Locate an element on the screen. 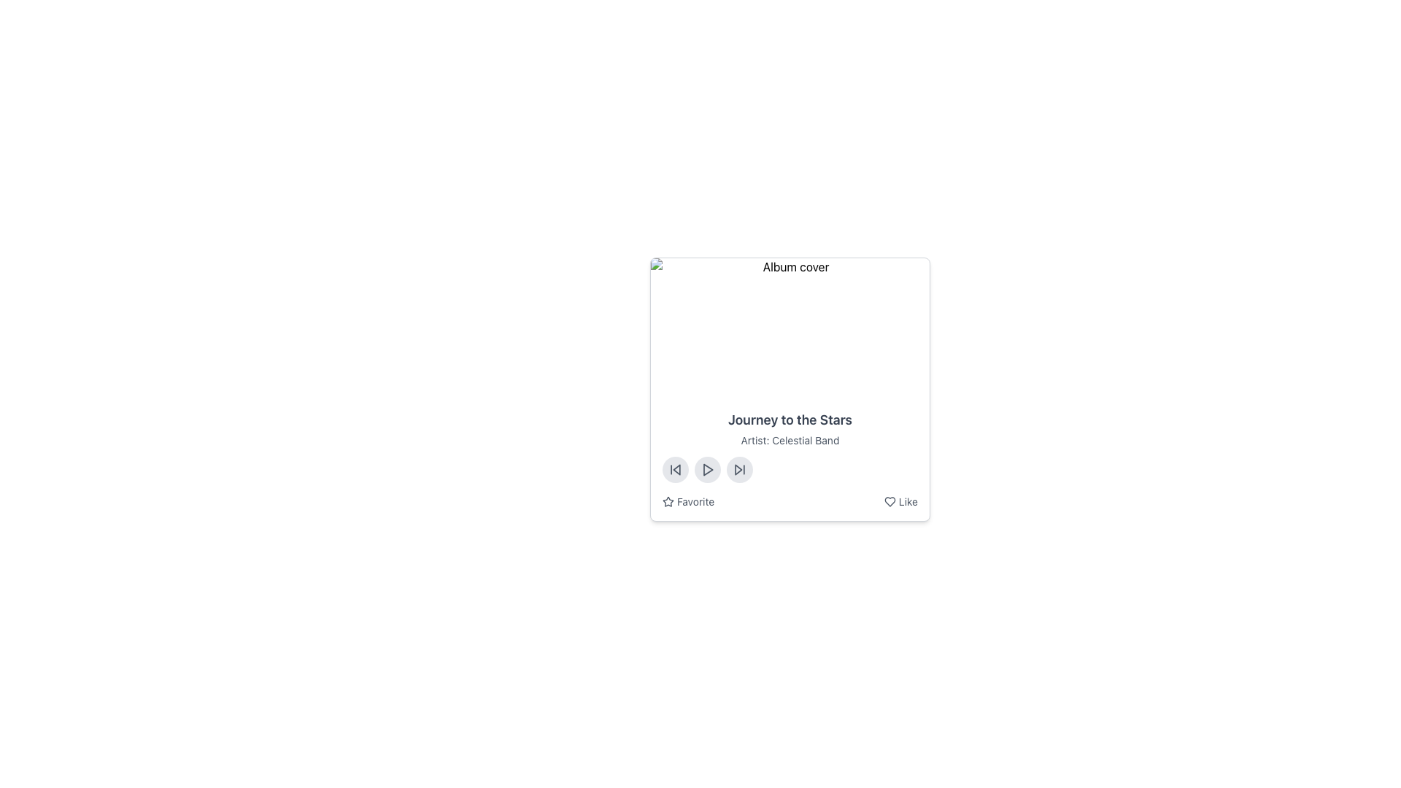 The image size is (1401, 788). the 'Favorite' button, which is a small interactive component with an outlined star icon and the text 'Favorite' that changes color to blue on hover is located at coordinates (687, 501).